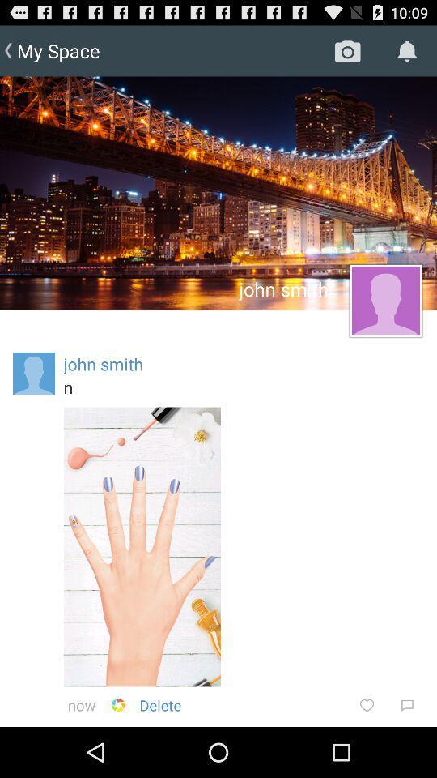 The image size is (437, 778). I want to click on item below the n, so click(367, 704).